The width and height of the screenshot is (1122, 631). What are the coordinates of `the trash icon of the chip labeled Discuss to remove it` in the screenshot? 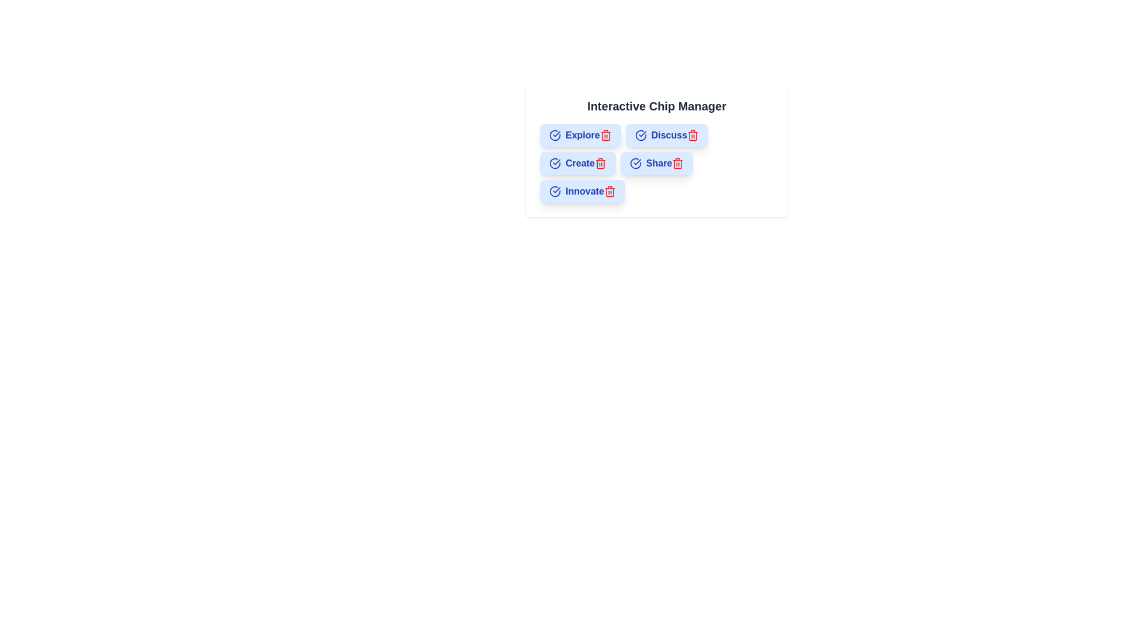 It's located at (692, 134).